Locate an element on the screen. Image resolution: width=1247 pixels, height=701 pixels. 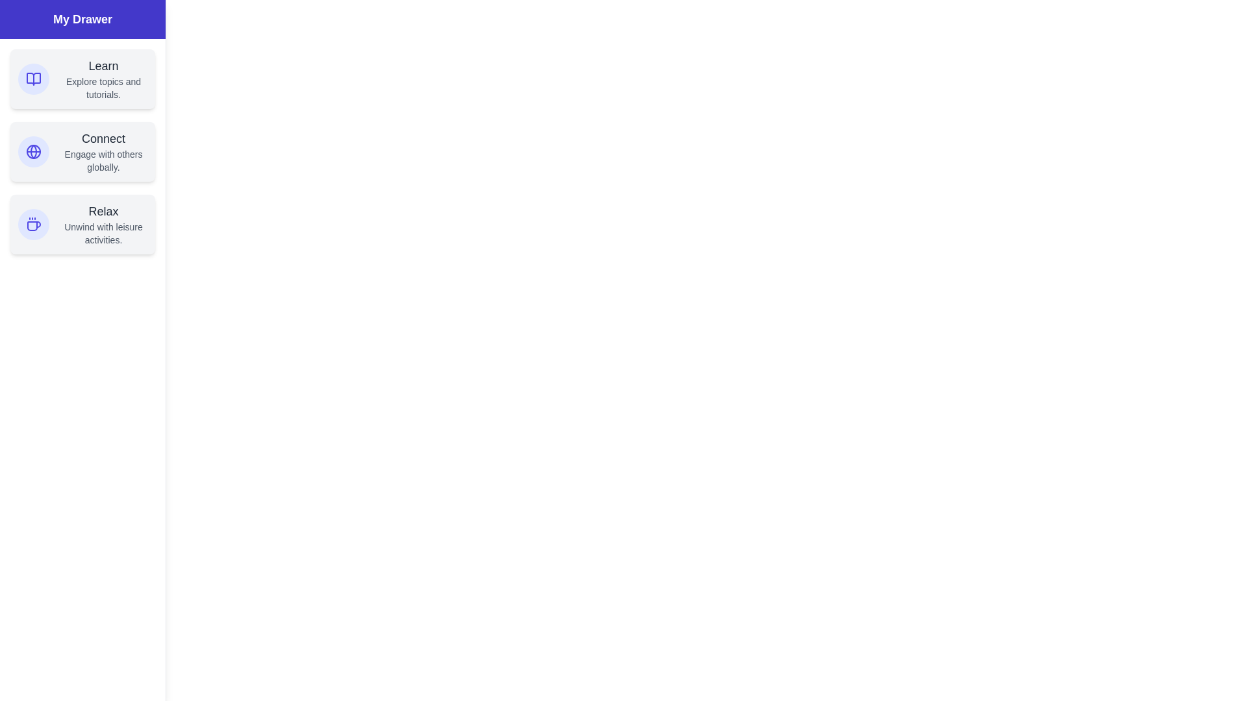
the section Learn in the drawer is located at coordinates (82, 79).